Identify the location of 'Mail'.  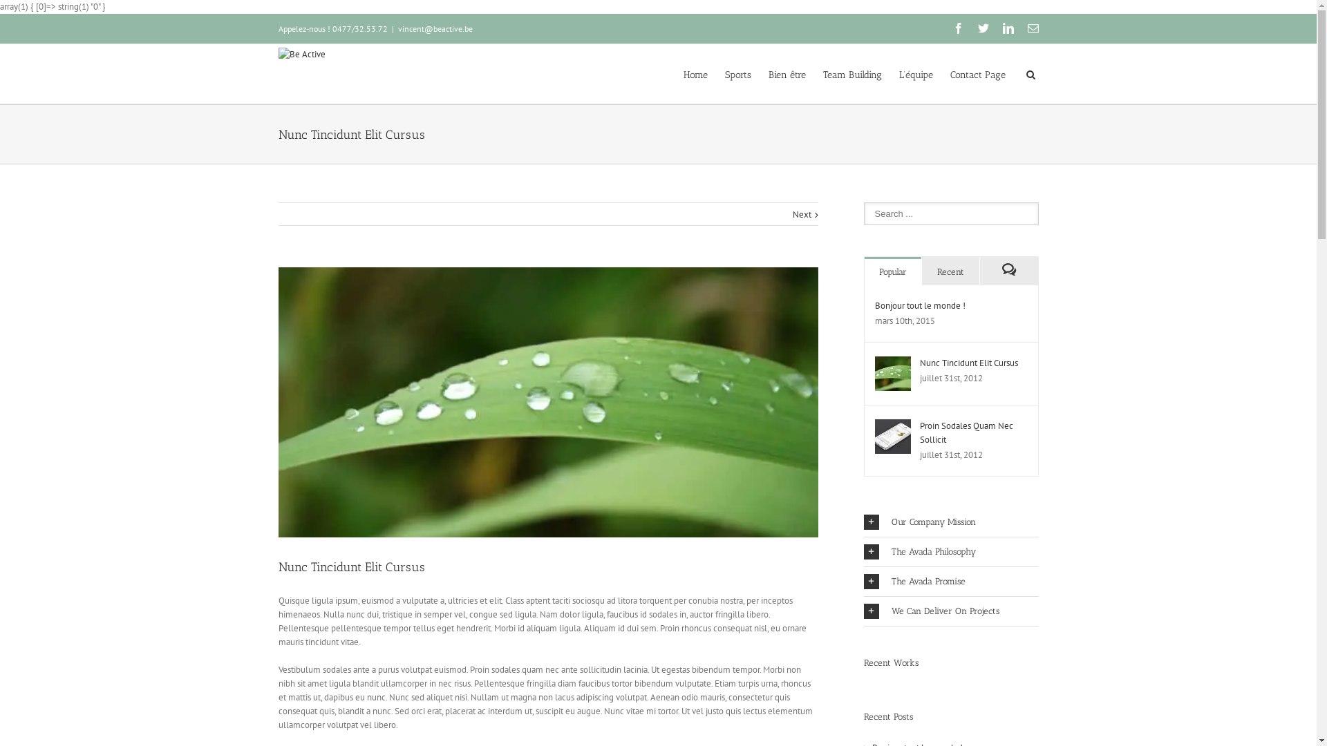
(1032, 28).